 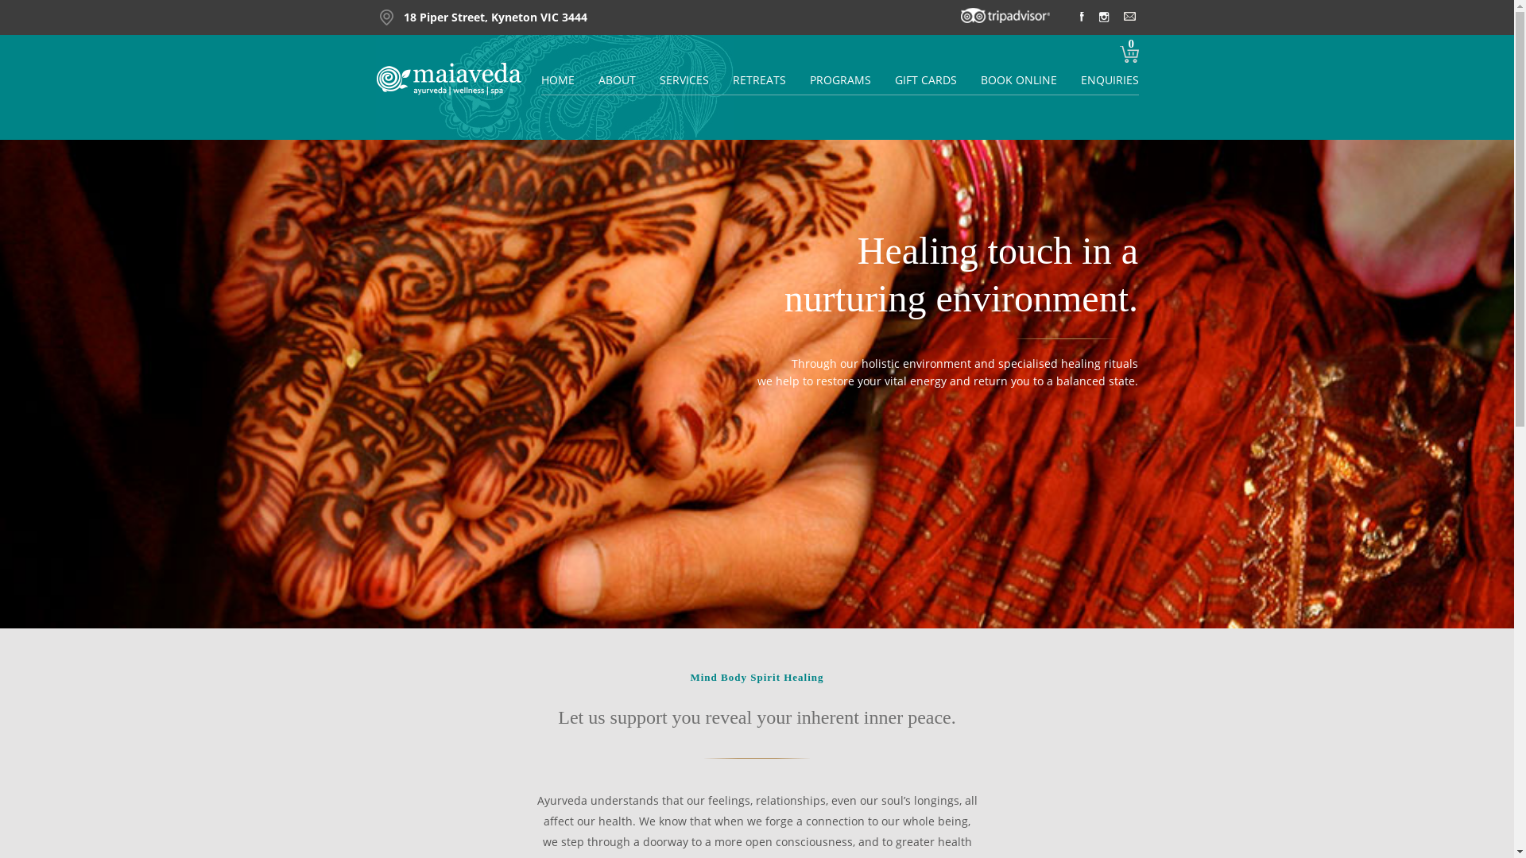 I want to click on 'ENQUIRIES', so click(x=1109, y=79).